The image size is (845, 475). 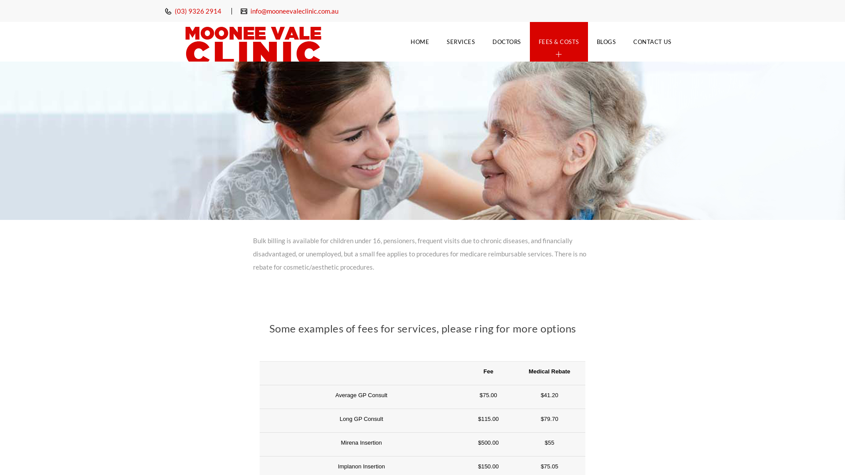 What do you see at coordinates (173, 11) in the screenshot?
I see `'(03) 9326 2914'` at bounding box center [173, 11].